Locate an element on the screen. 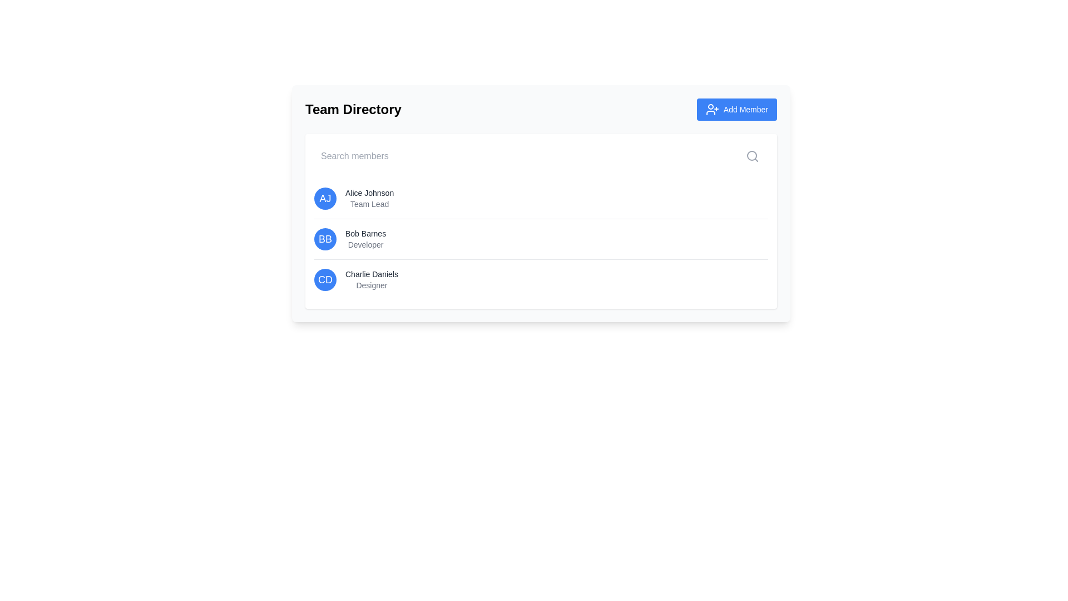 Image resolution: width=1068 pixels, height=601 pixels. the 'Team Directory' header text, which is styled in bold and large black text and located at the top-left corner of the section is located at coordinates (353, 109).